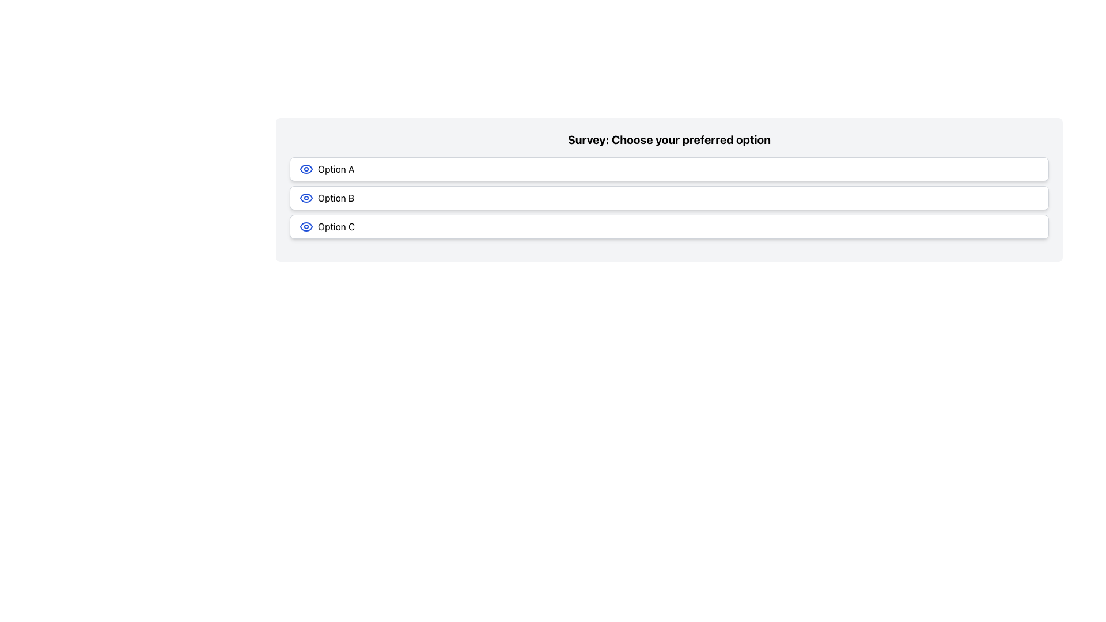 The height and width of the screenshot is (622, 1106). What do you see at coordinates (306, 197) in the screenshot?
I see `the 'eye' icon located to the left of the text 'Option B'` at bounding box center [306, 197].